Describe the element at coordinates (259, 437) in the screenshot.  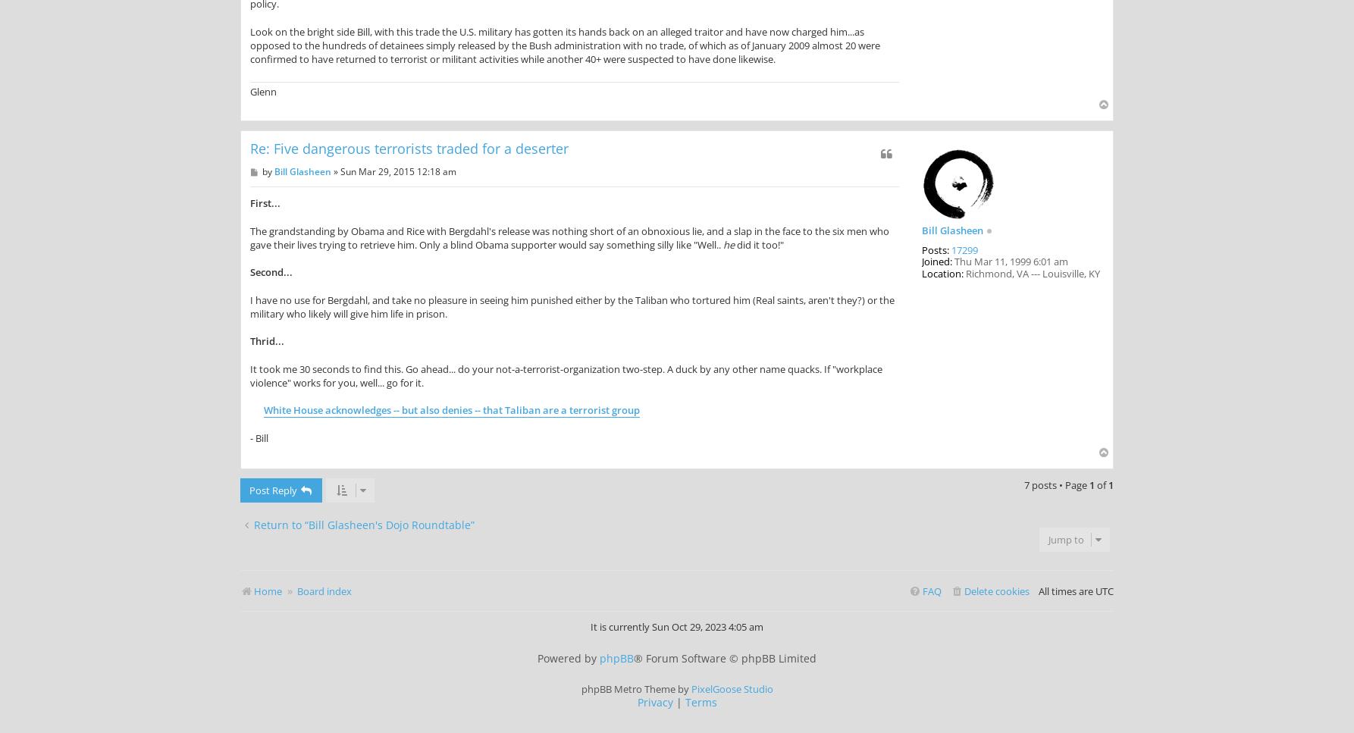
I see `'- Bill'` at that location.